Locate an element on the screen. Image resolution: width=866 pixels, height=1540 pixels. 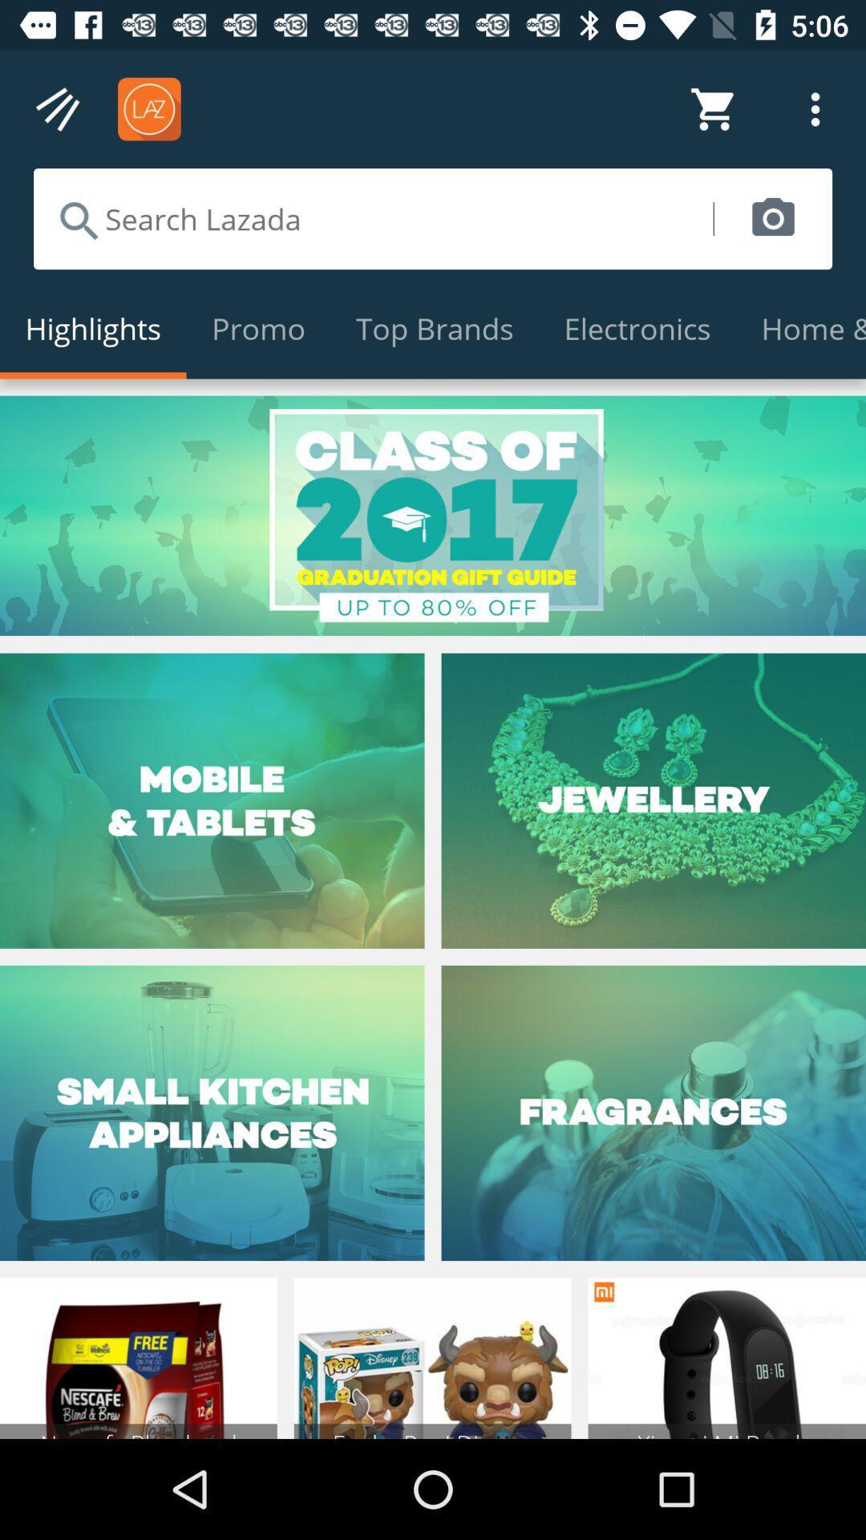
search term is located at coordinates (373, 218).